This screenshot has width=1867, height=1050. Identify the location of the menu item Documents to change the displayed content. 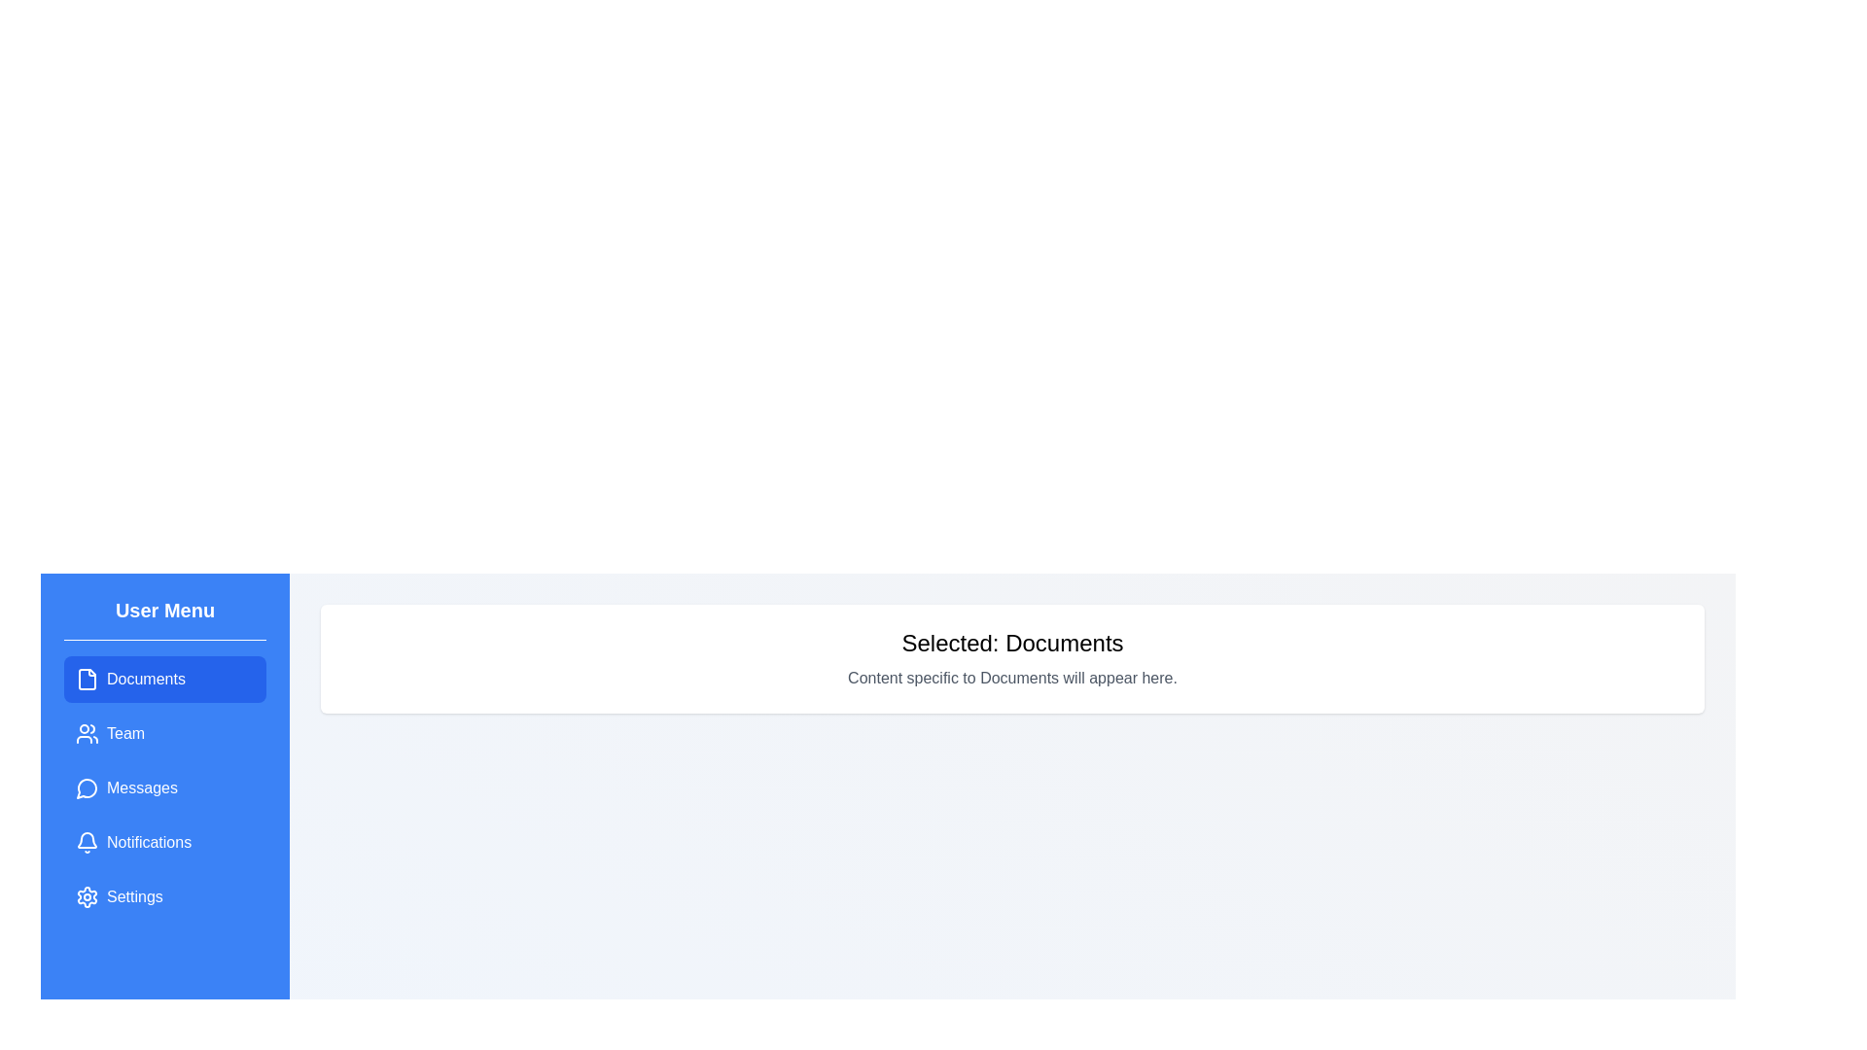
(164, 678).